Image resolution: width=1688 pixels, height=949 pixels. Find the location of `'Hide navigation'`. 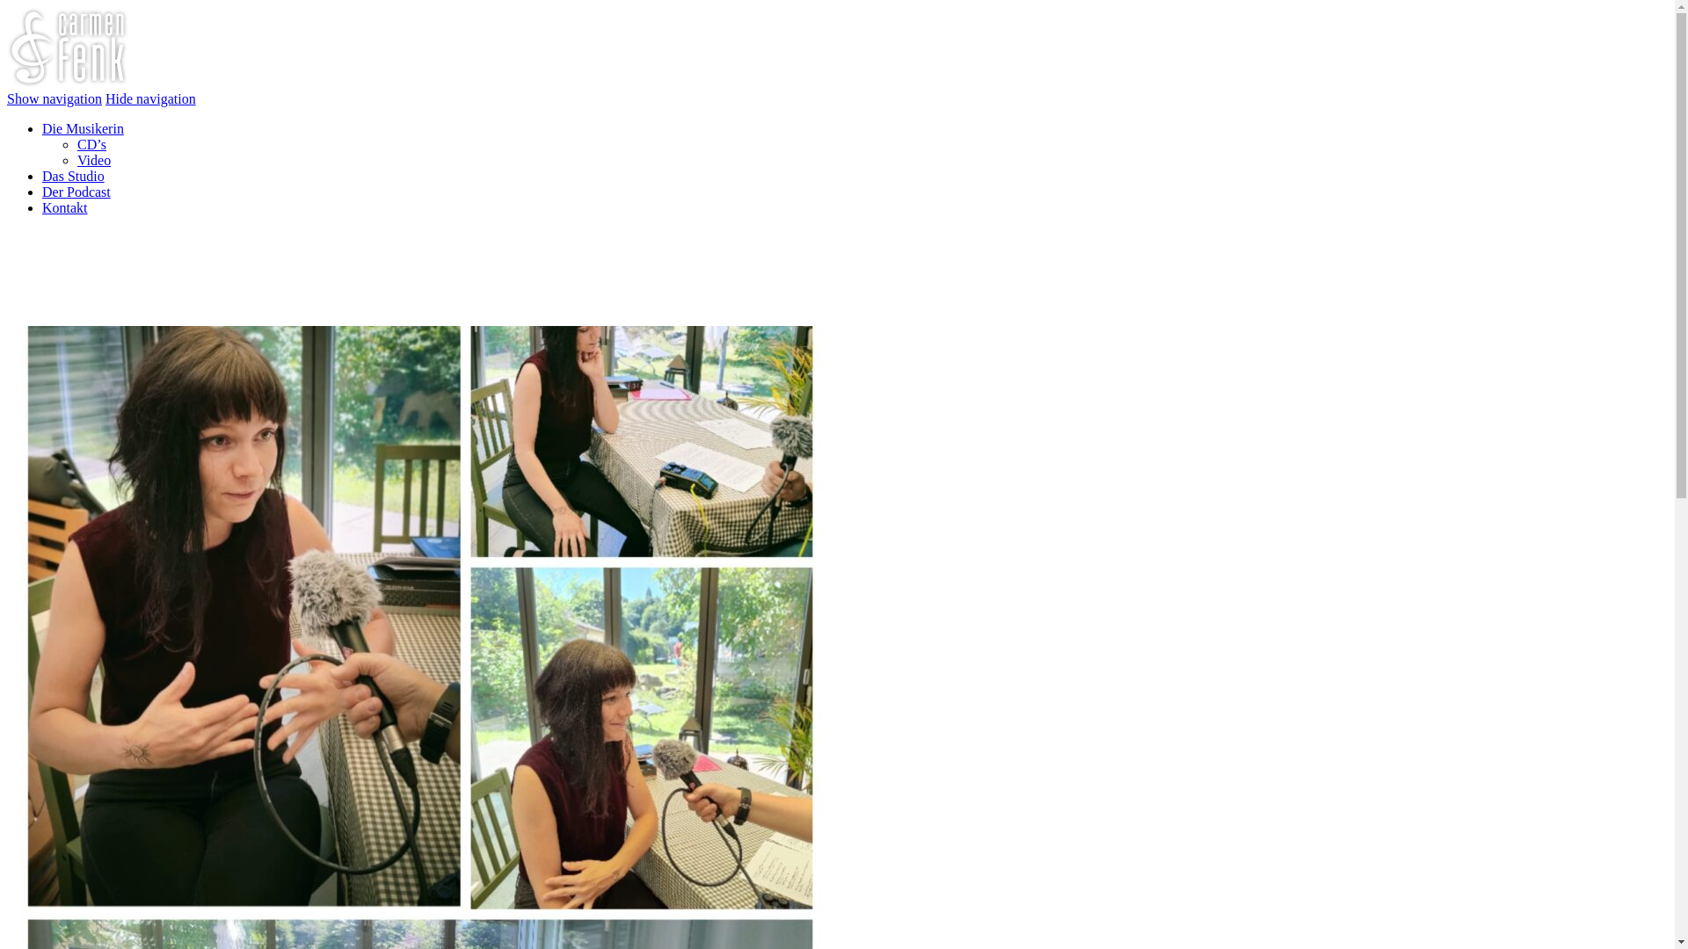

'Hide navigation' is located at coordinates (150, 98).